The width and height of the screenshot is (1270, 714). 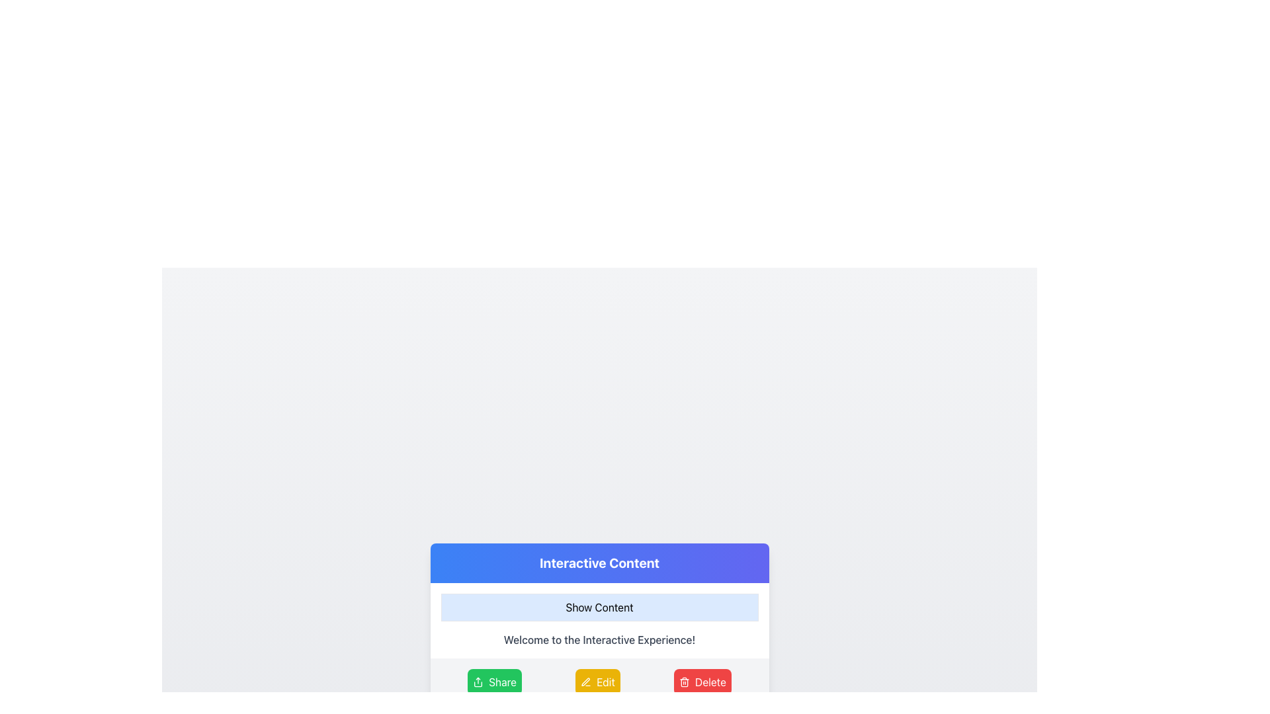 I want to click on the yellow 'Edit' button on the Toolbar located at the bottom of the white card titled 'Interactive Content', so click(x=599, y=682).